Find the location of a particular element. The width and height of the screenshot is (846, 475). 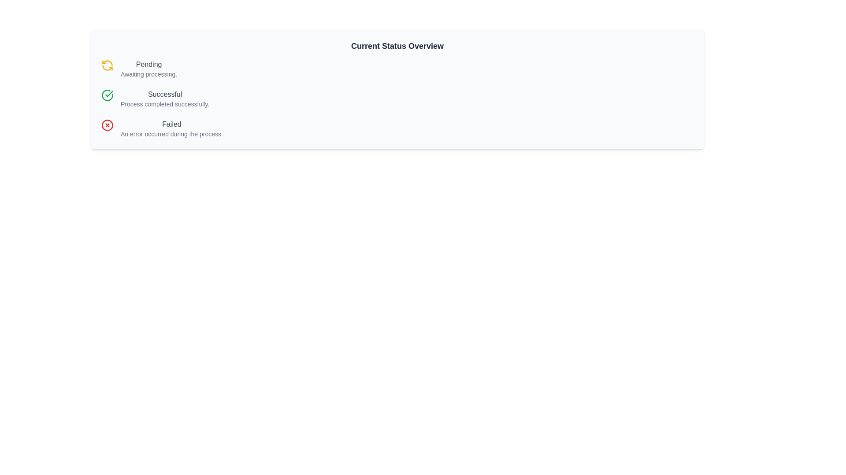

the descriptive text label that provides additional information about the process status labeled 'Failed', which is located directly beneath the 'Failed' label is located at coordinates (171, 134).